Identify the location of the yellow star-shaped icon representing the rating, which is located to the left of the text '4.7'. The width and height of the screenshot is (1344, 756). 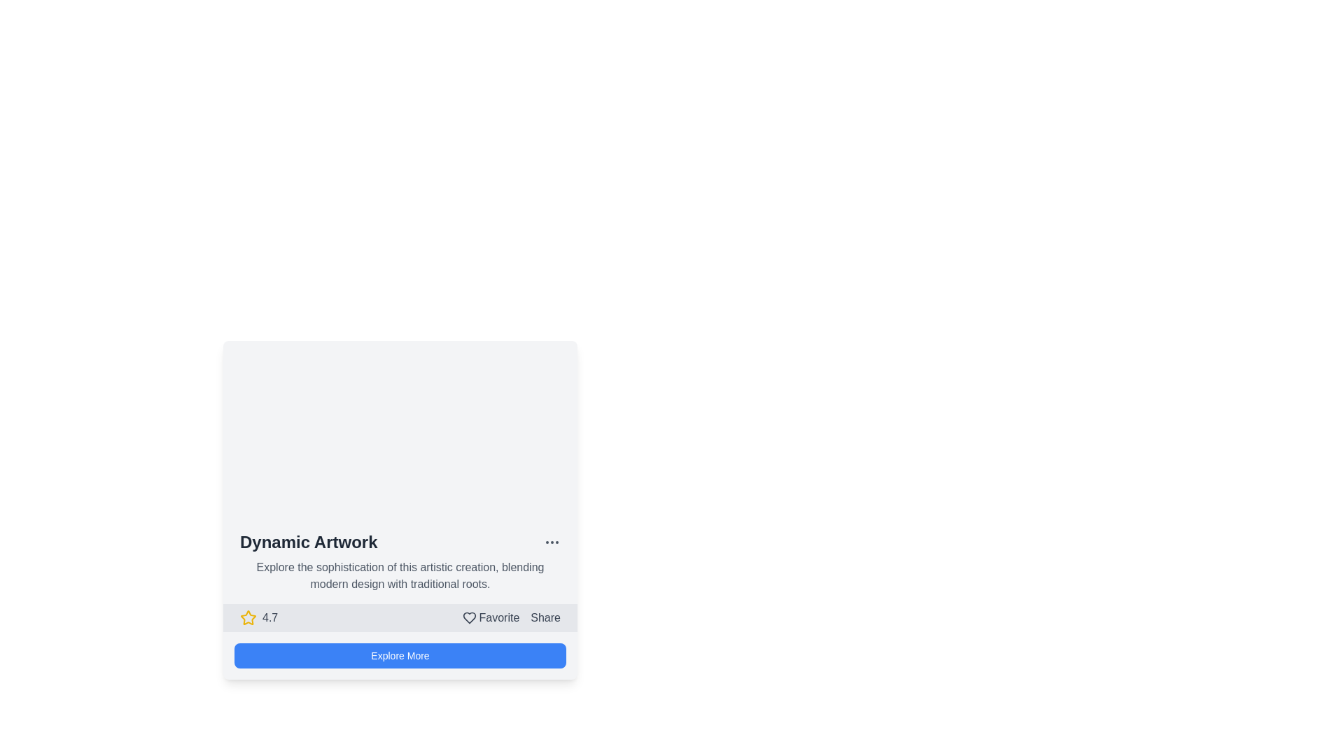
(248, 617).